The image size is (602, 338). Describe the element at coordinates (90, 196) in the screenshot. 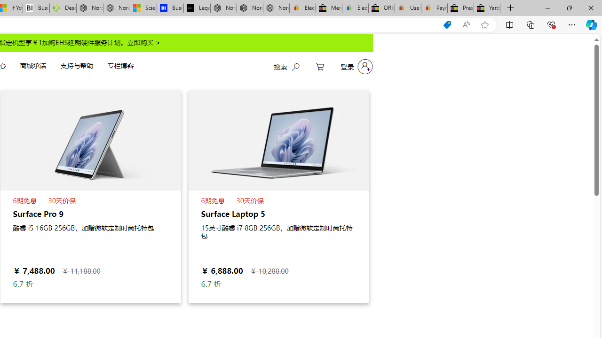

I see `'Surface Pro 9'` at that location.